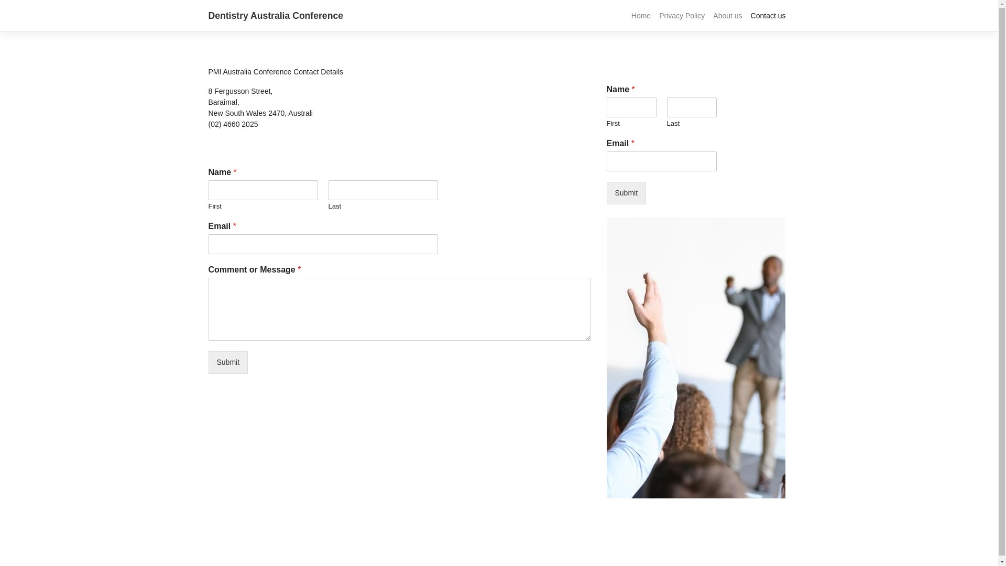 This screenshot has height=566, width=1006. Describe the element at coordinates (768, 16) in the screenshot. I see `'Contact us'` at that location.